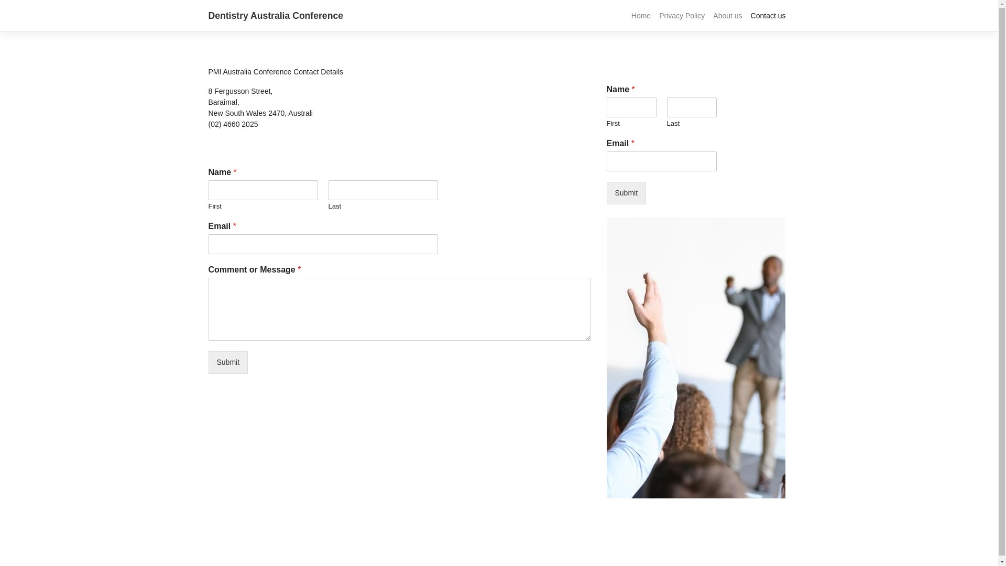 This screenshot has height=566, width=1006. Describe the element at coordinates (768, 16) in the screenshot. I see `'Contact us'` at that location.